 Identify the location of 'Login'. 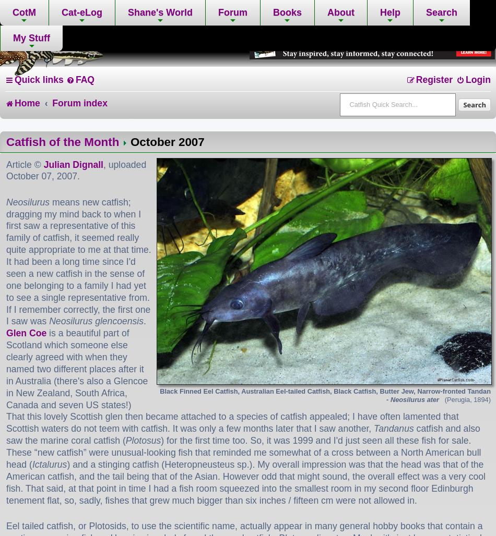
(465, 79).